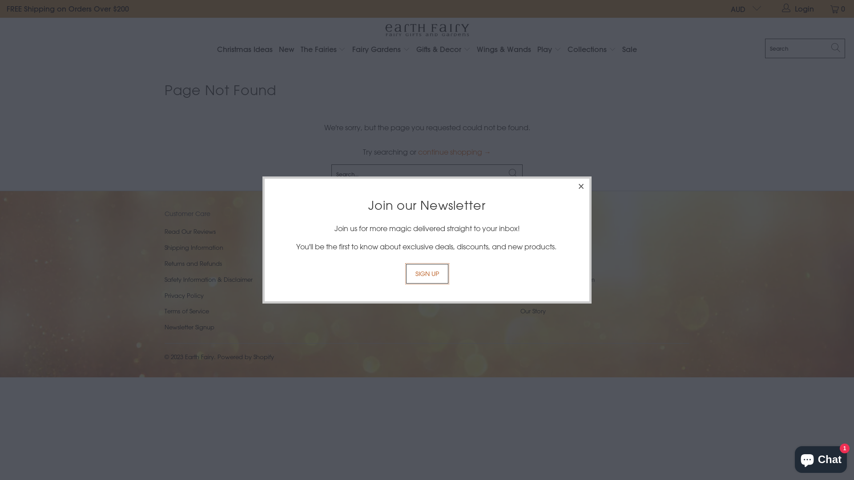 This screenshot has height=480, width=854. What do you see at coordinates (532, 295) in the screenshot?
I see `'Our Blog'` at bounding box center [532, 295].